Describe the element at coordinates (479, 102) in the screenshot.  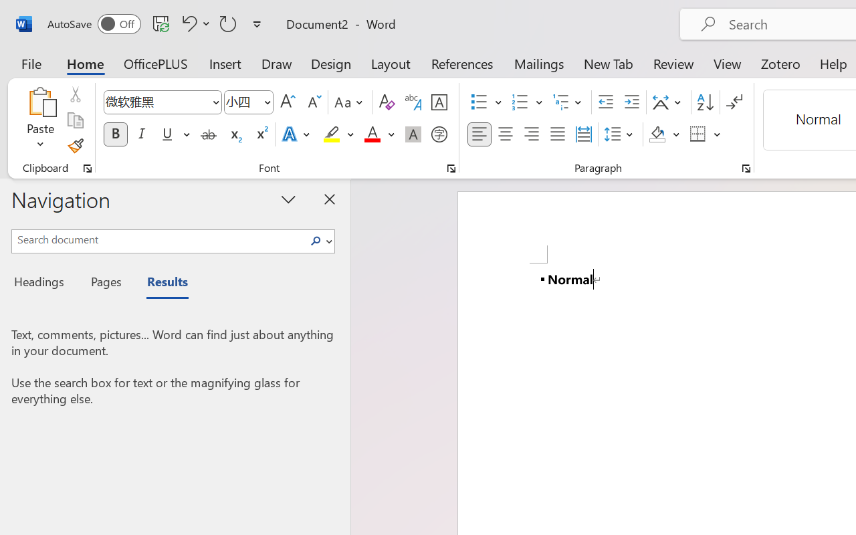
I see `'Bullets'` at that location.